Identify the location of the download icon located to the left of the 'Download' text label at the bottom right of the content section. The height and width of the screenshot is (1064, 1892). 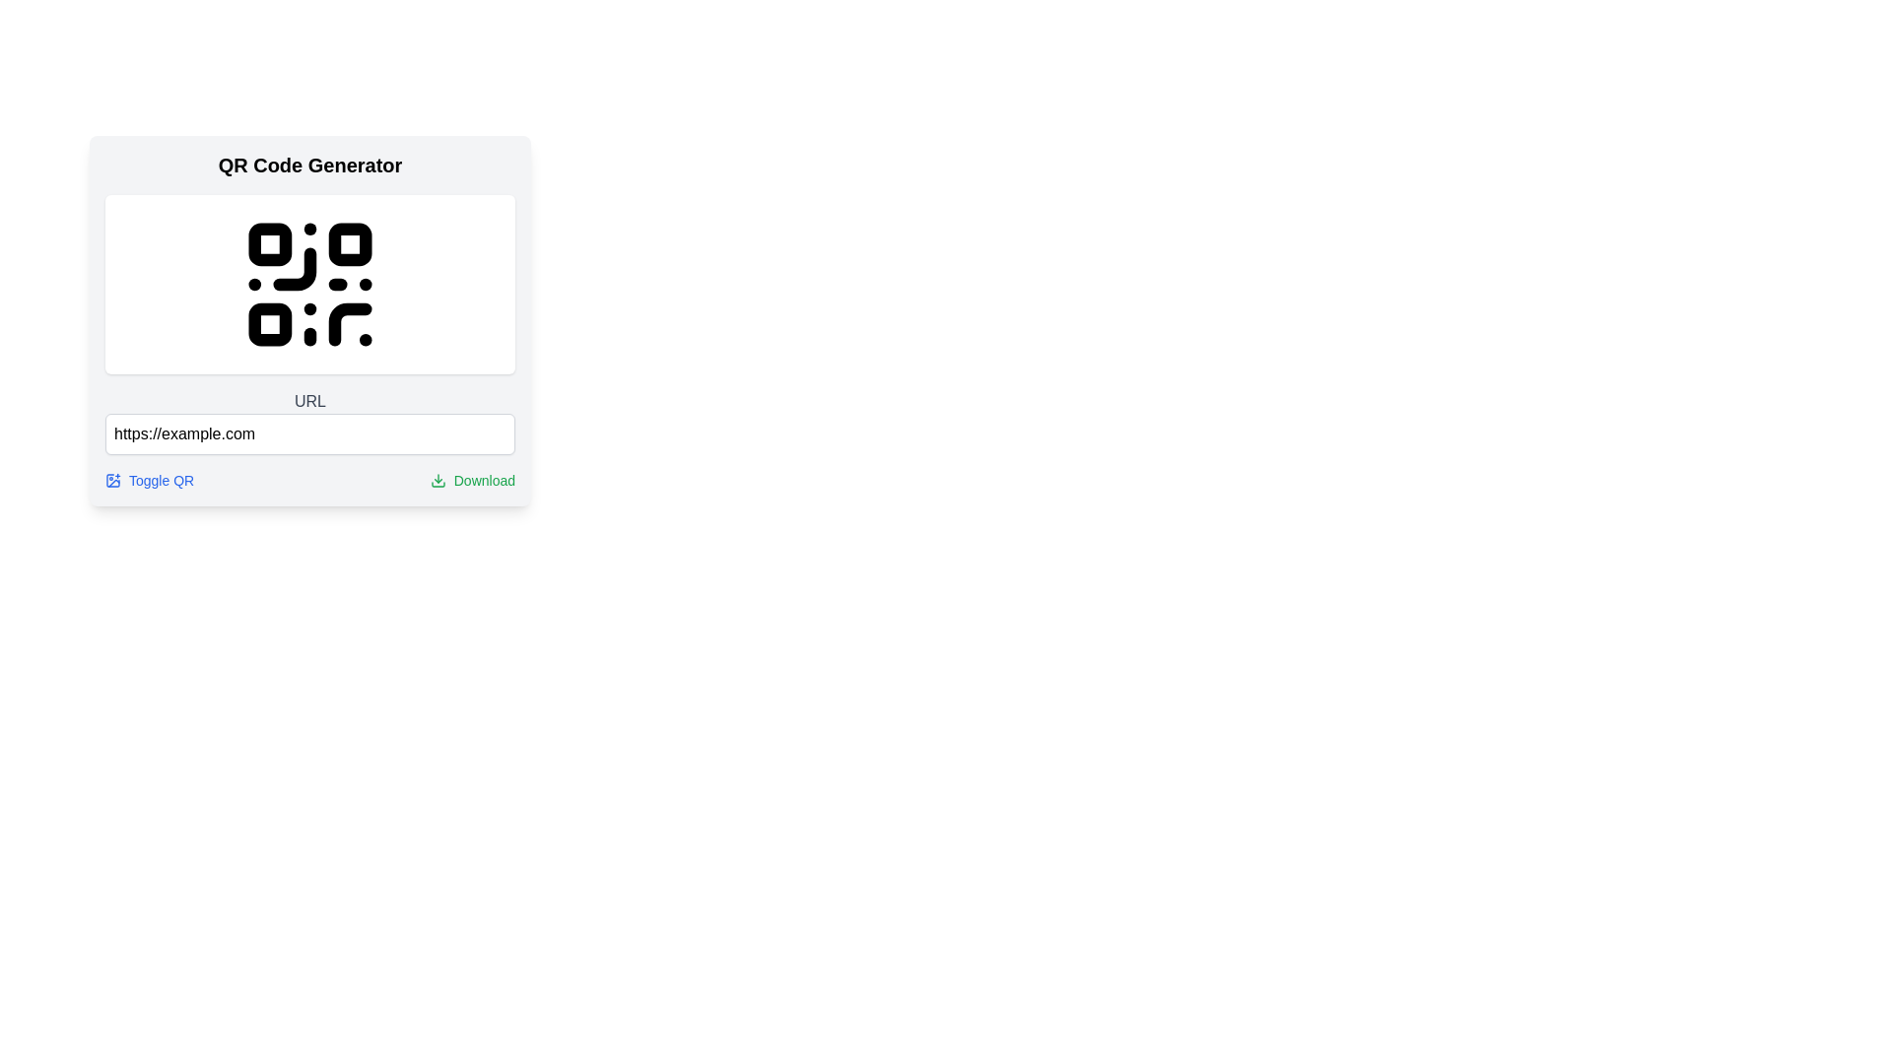
(437, 481).